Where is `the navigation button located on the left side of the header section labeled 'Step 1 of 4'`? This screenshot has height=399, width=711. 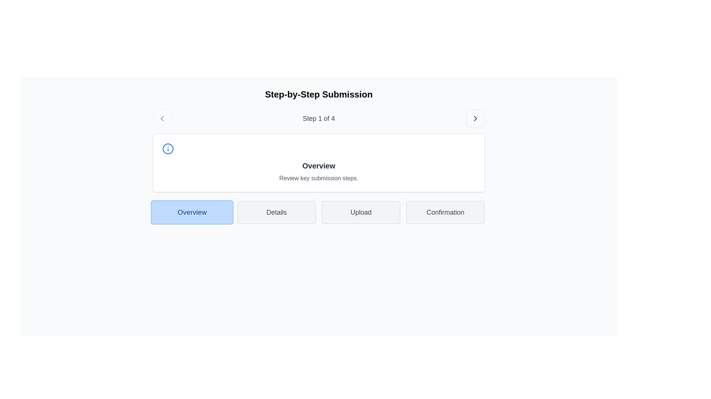
the navigation button located on the left side of the header section labeled 'Step 1 of 4' is located at coordinates (161, 118).